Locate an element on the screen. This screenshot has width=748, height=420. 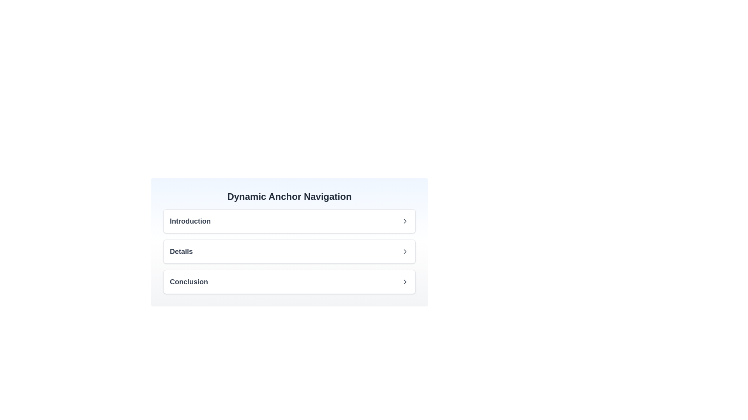
the 'Conclusion' label in bold font located in the third row of the 'Dynamic Anchor Navigation' panel is located at coordinates (189, 282).